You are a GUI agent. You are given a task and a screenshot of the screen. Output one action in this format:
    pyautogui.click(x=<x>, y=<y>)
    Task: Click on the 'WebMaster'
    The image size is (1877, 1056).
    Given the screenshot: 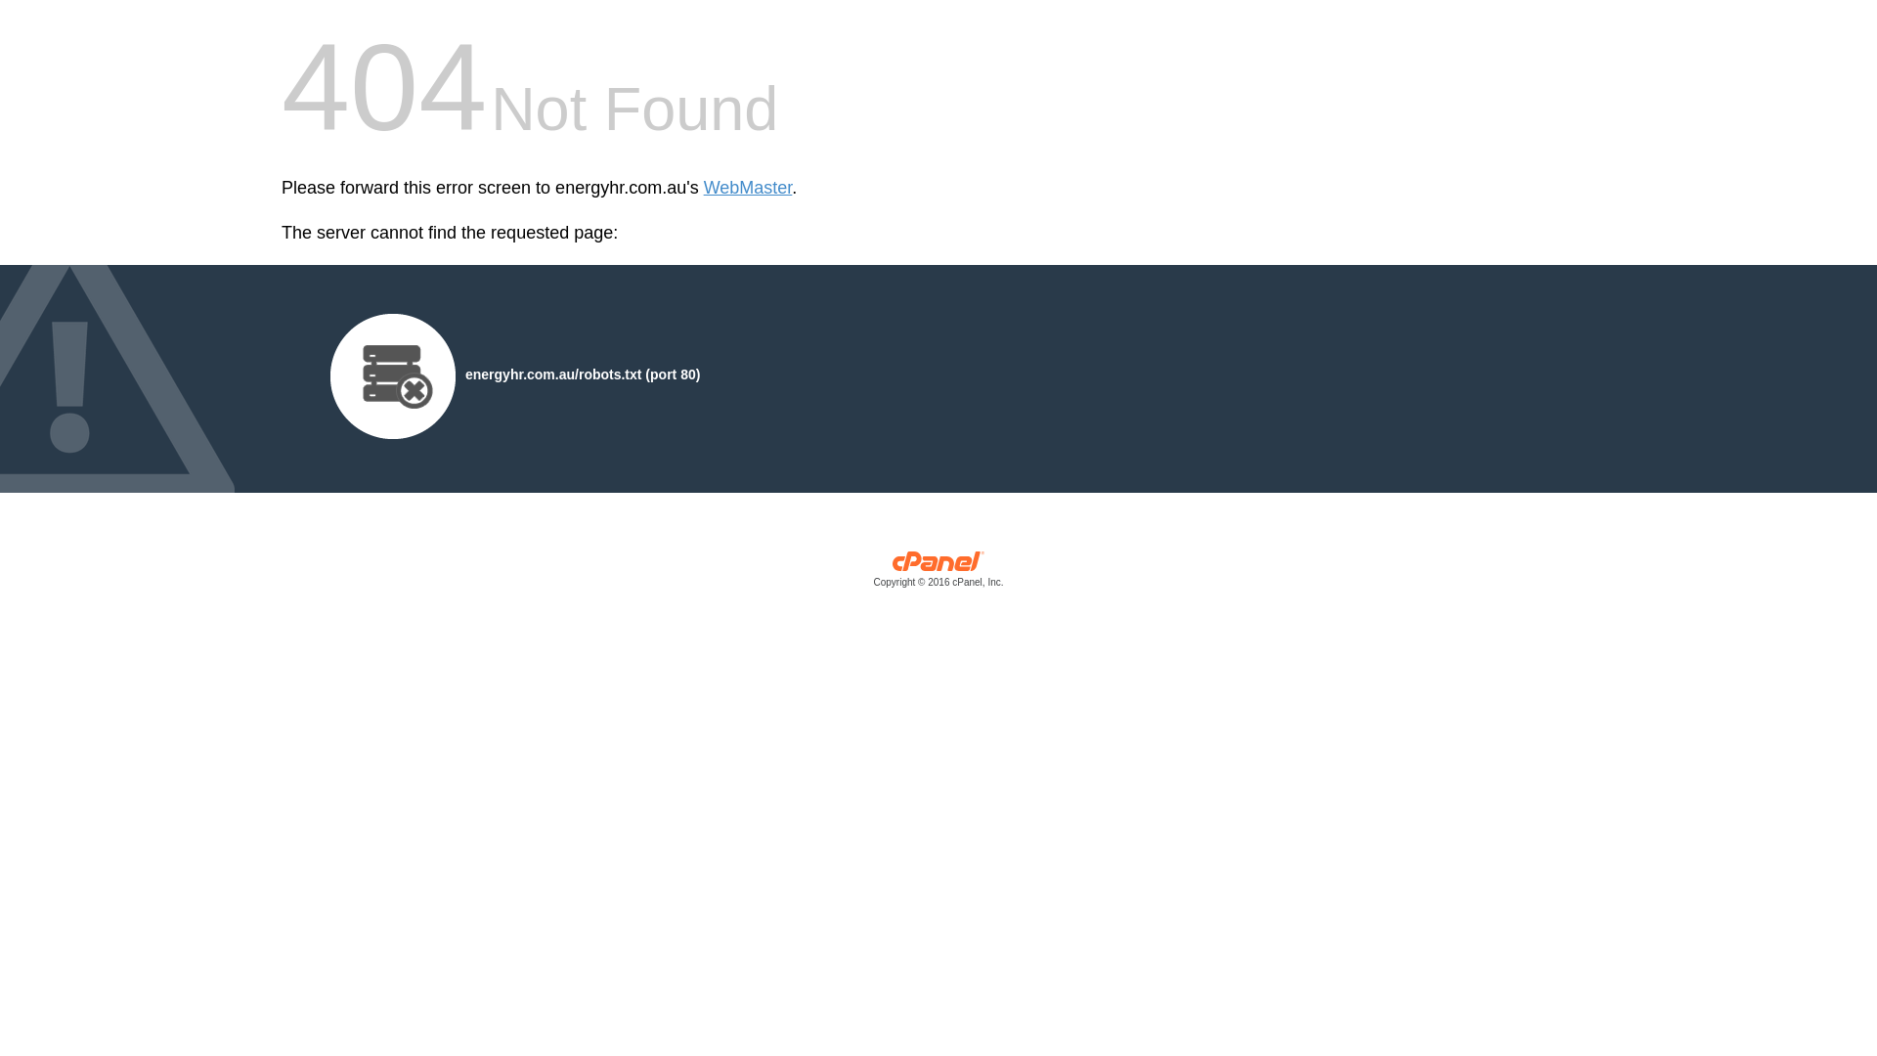 What is the action you would take?
    pyautogui.click(x=704, y=188)
    